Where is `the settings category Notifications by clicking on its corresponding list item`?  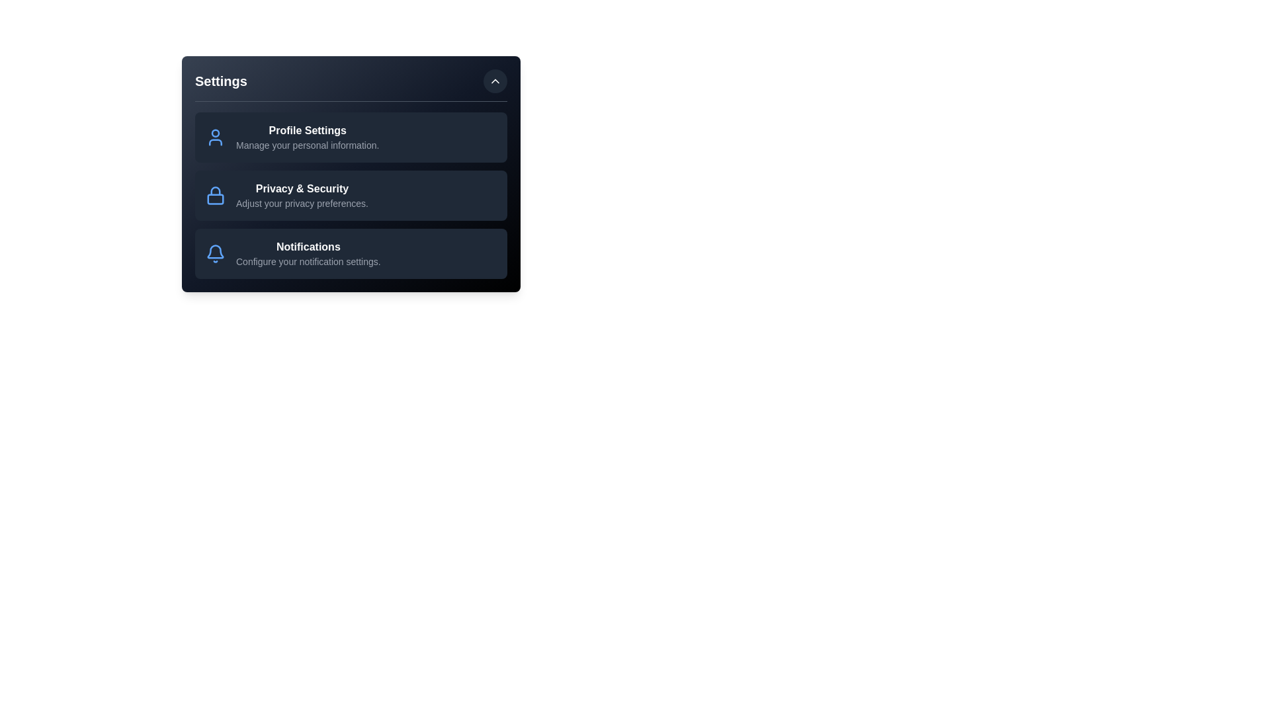
the settings category Notifications by clicking on its corresponding list item is located at coordinates (351, 254).